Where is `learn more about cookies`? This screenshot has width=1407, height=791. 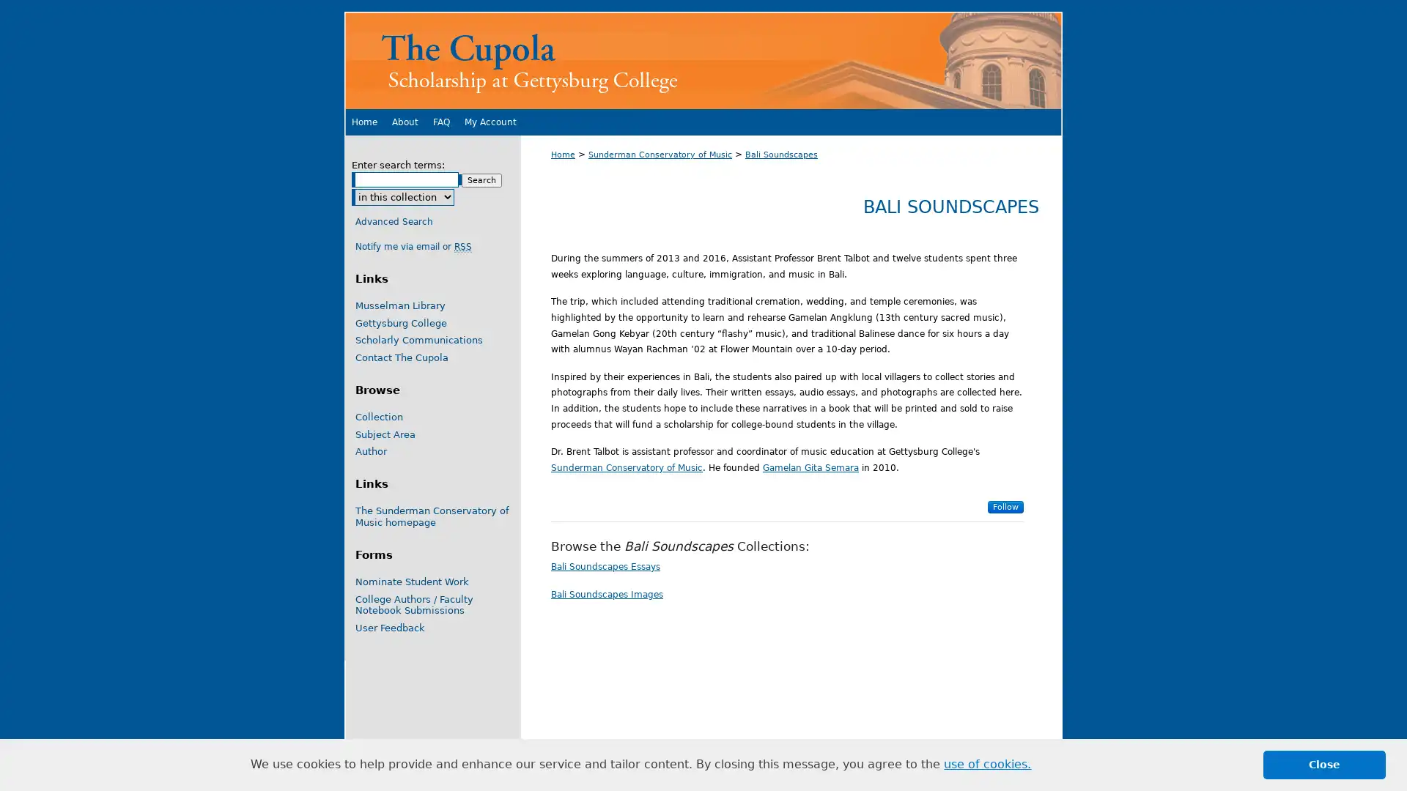
learn more about cookies is located at coordinates (987, 764).